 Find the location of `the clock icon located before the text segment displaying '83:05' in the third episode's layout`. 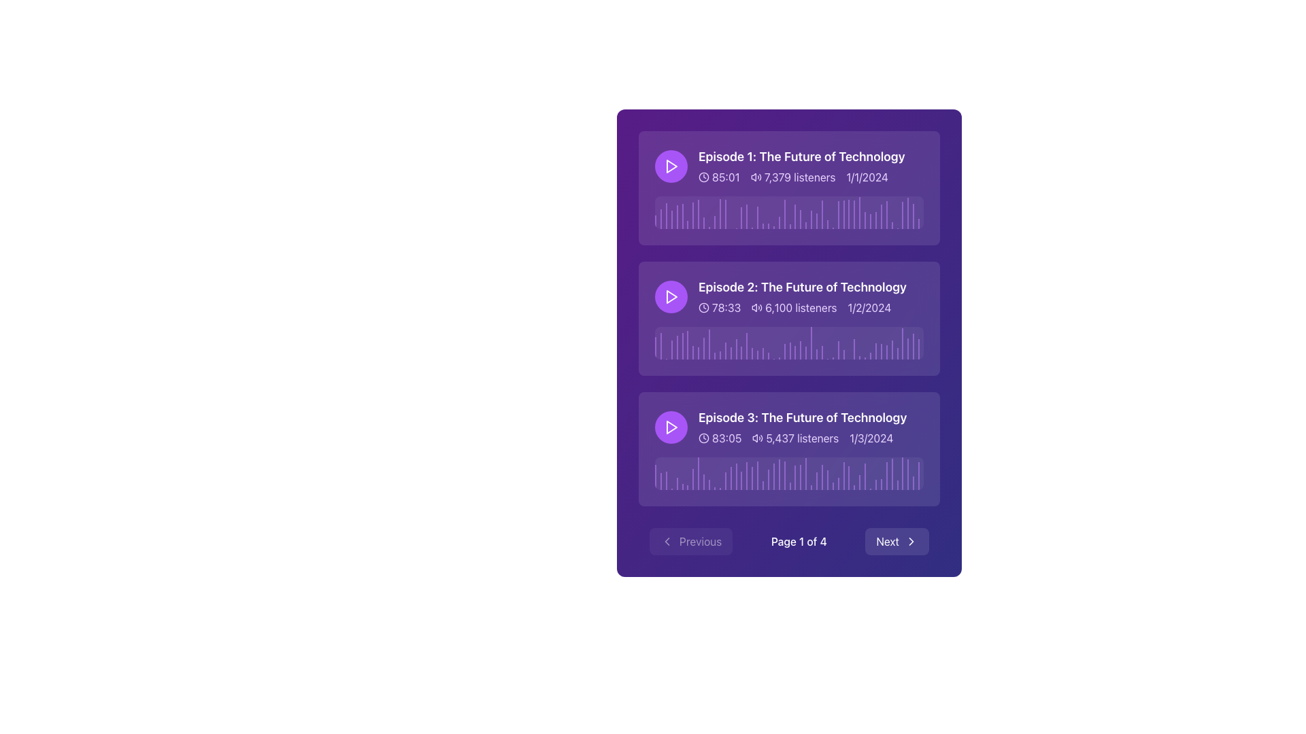

the clock icon located before the text segment displaying '83:05' in the third episode's layout is located at coordinates (704, 438).